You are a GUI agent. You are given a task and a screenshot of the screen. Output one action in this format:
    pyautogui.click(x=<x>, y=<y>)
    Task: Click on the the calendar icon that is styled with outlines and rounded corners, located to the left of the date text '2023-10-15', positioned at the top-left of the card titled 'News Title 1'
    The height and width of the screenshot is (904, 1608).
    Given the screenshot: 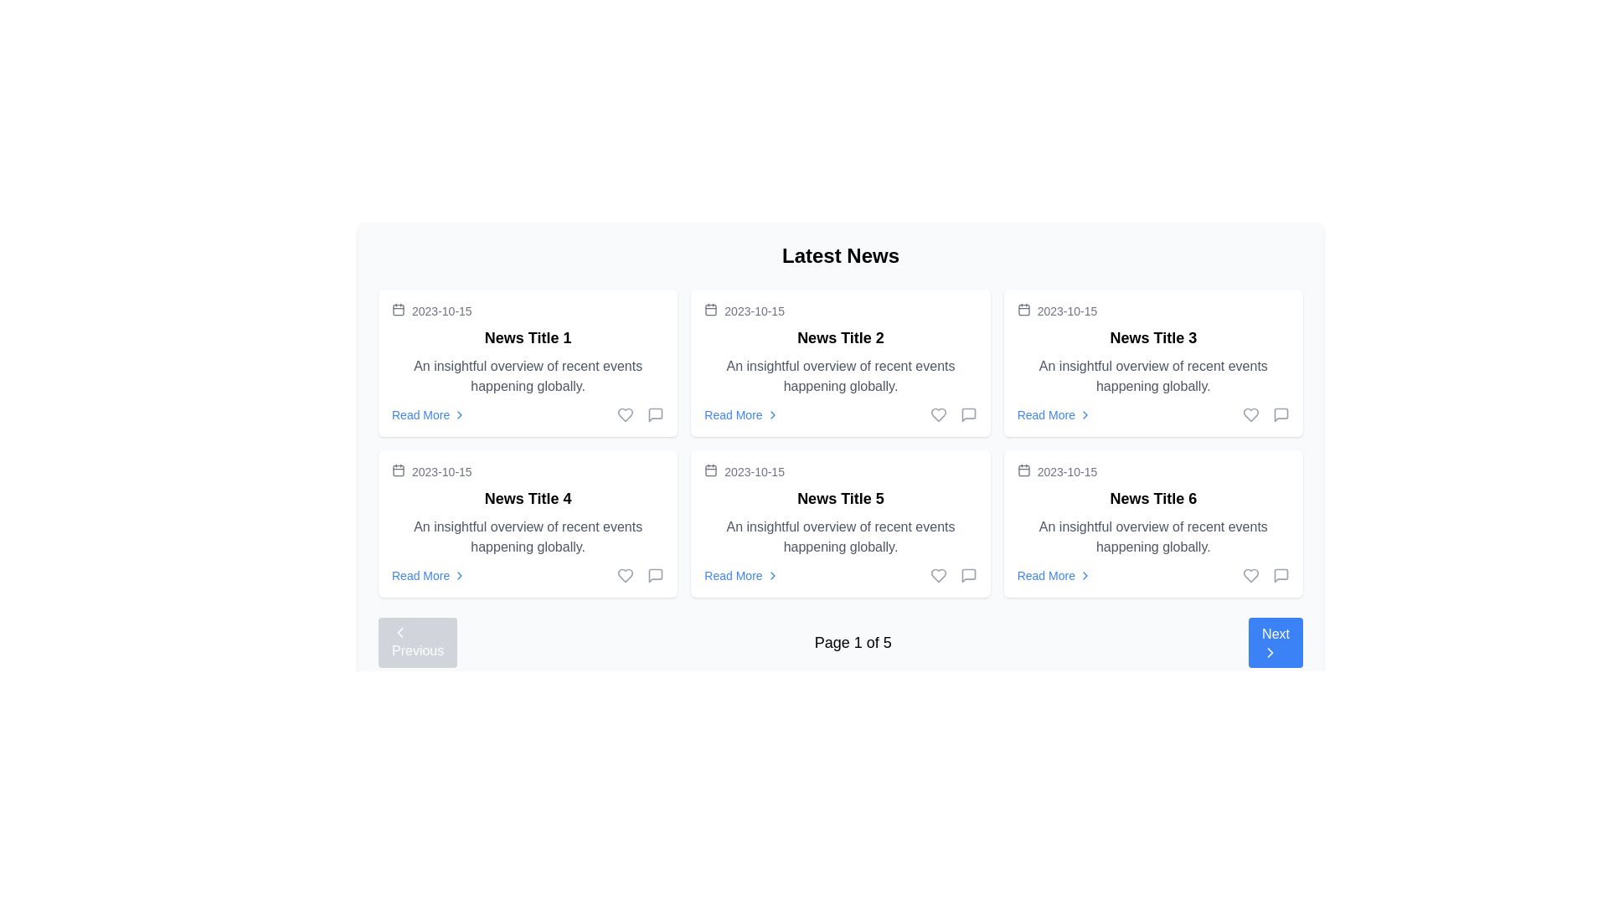 What is the action you would take?
    pyautogui.click(x=397, y=470)
    